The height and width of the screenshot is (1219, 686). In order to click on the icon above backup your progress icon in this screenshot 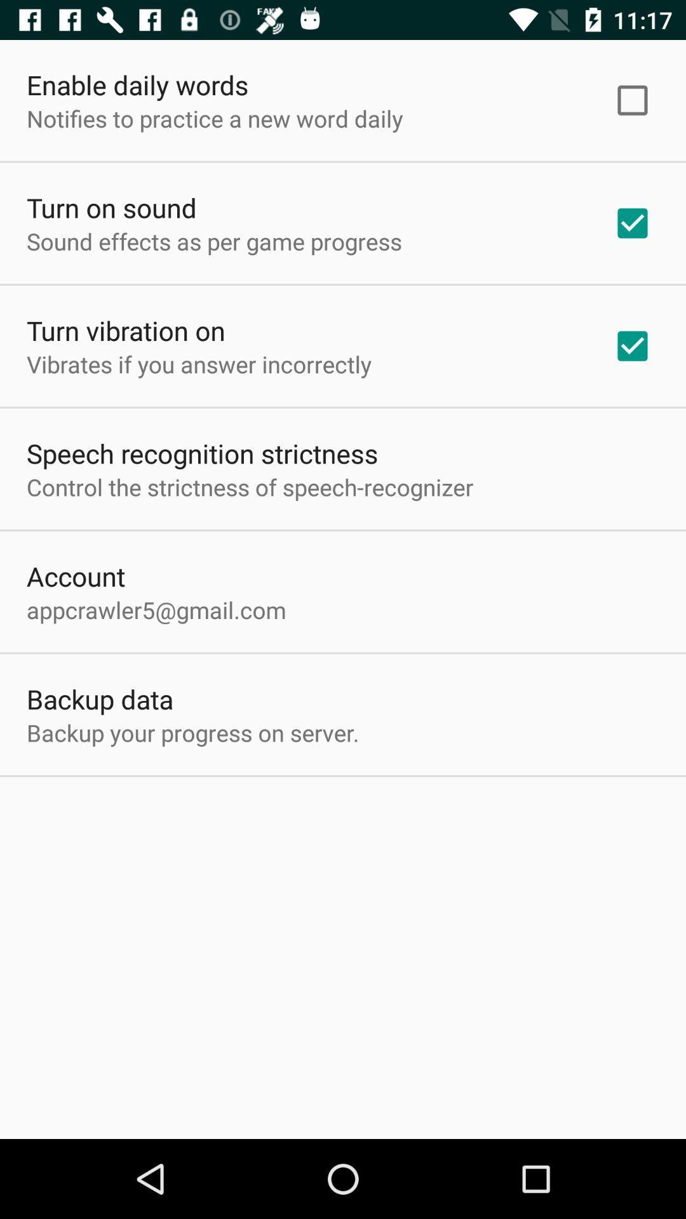, I will do `click(99, 698)`.